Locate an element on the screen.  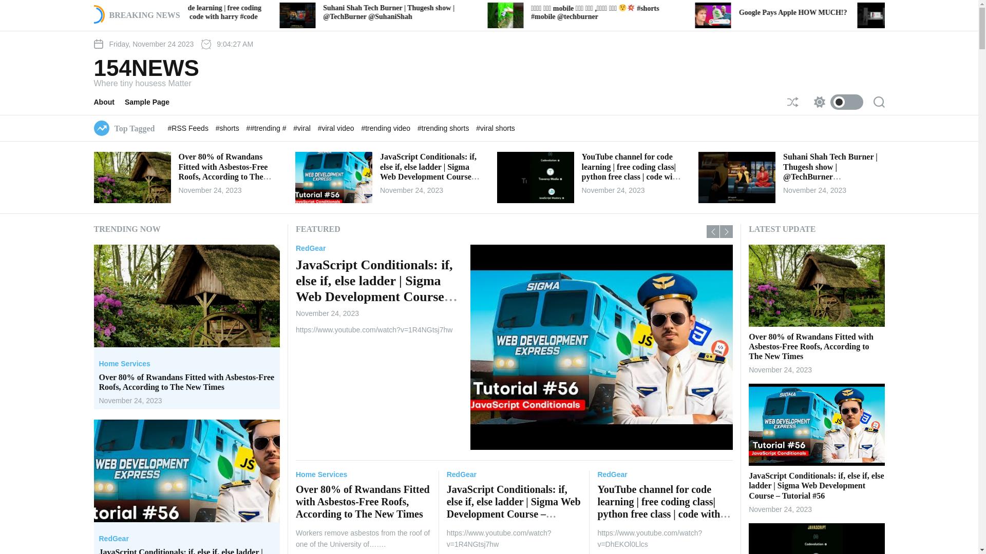
'RedGear' is located at coordinates (461, 474).